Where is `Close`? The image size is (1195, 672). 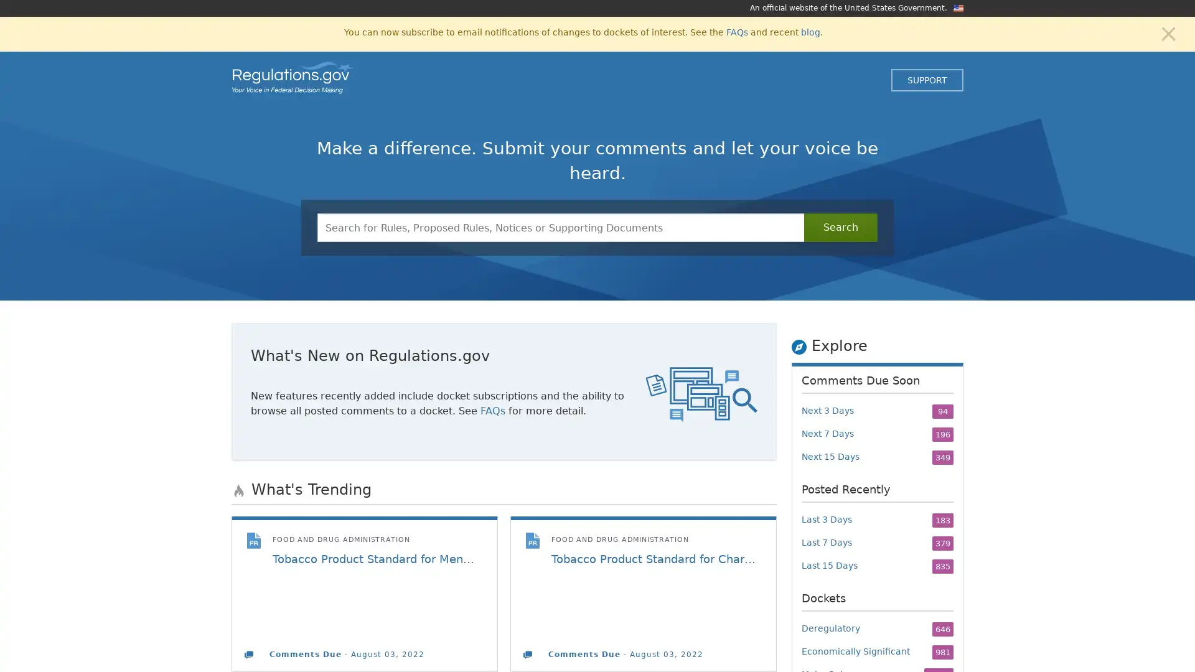
Close is located at coordinates (1168, 32).